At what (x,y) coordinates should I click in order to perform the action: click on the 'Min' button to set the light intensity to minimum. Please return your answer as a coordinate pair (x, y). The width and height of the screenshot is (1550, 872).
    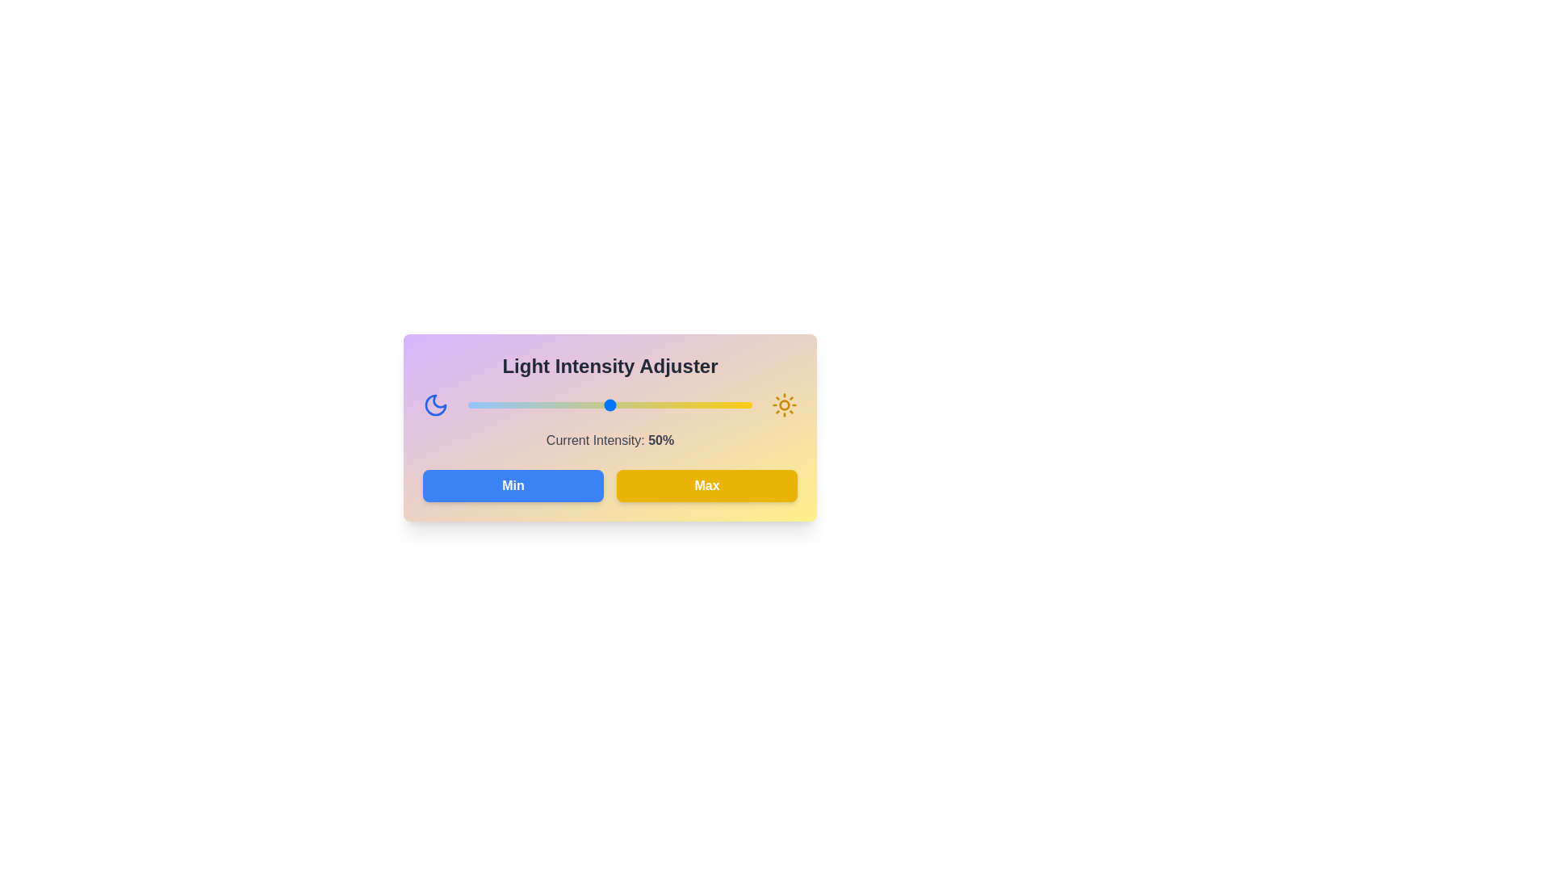
    Looking at the image, I should click on (512, 484).